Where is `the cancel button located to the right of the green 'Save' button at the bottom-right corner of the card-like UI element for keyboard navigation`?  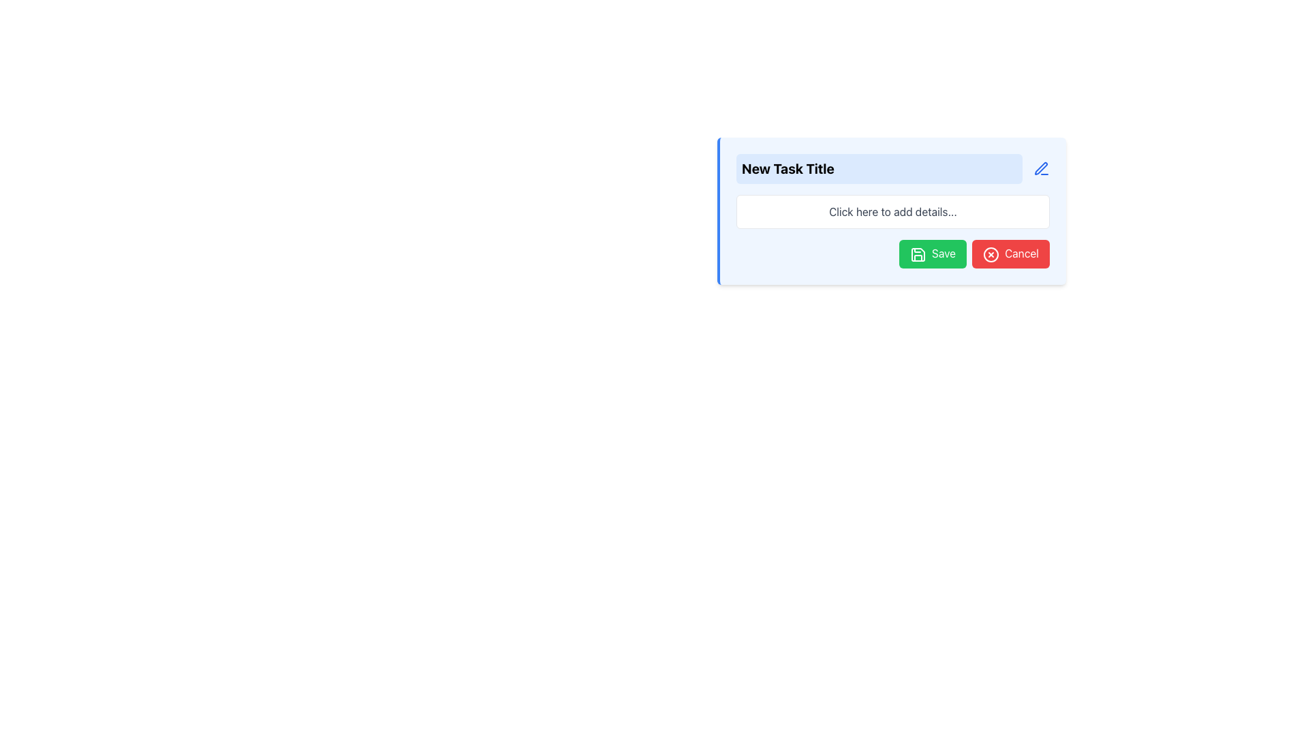
the cancel button located to the right of the green 'Save' button at the bottom-right corner of the card-like UI element for keyboard navigation is located at coordinates (1010, 254).